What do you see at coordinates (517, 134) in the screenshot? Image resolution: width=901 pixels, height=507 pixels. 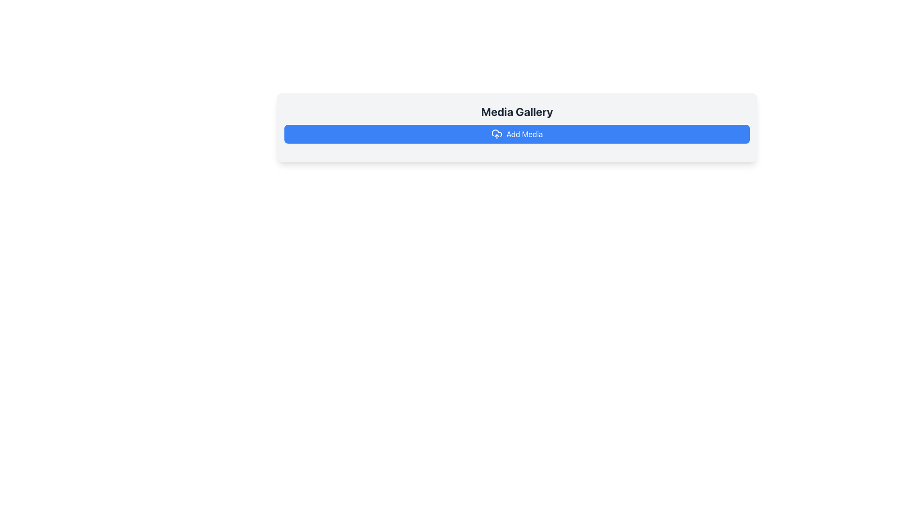 I see `the media upload button located below the 'Media Gallery' text` at bounding box center [517, 134].